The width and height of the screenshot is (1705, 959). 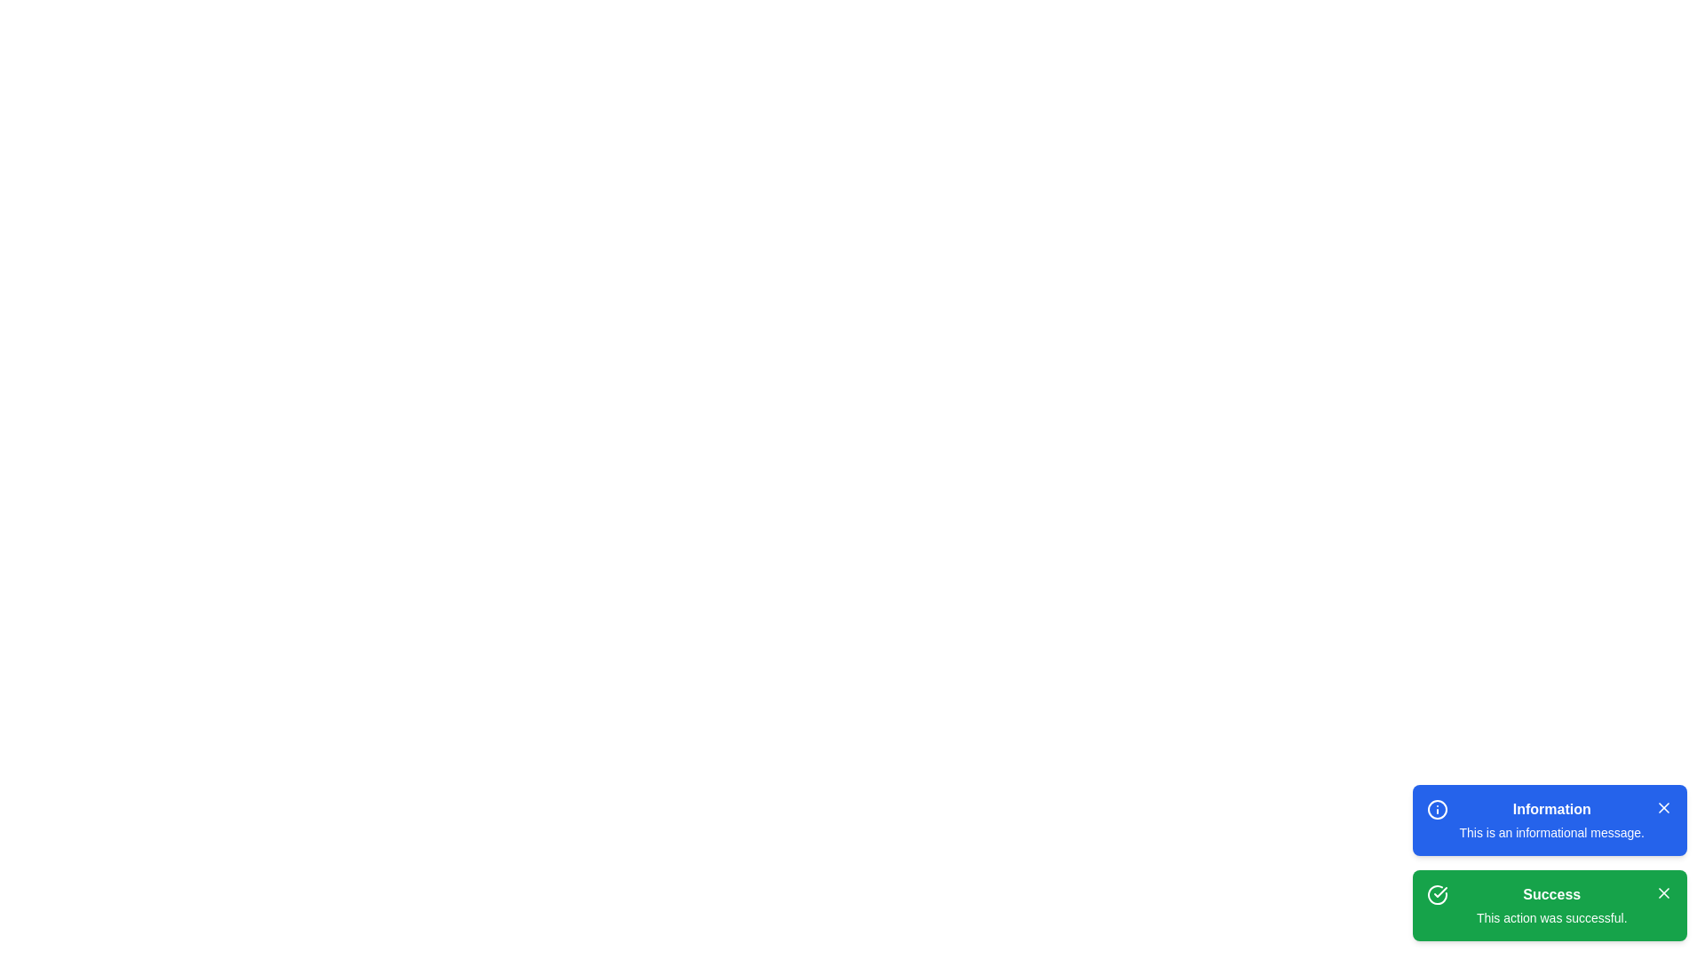 I want to click on the compact circular icon with an outline, located on the left side of the blue alert message box labeled 'Information', so click(x=1438, y=809).